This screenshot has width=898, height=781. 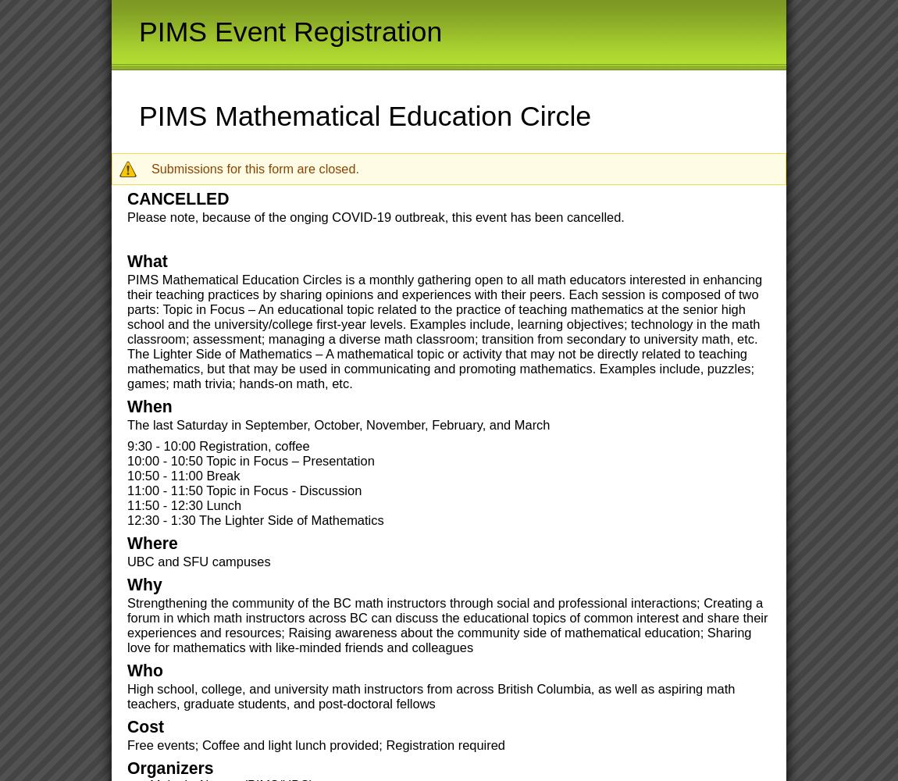 What do you see at coordinates (444, 331) in the screenshot?
I see `'PIMS Mathematical Education Circles is a monthly gathering open to all math educators interested in enhancing their teaching practices by sharing opinions and experiences with their peers. Each session is composed of two parts: Topic in Focus – An educational topic related to the practice of teaching mathematics at the senior high school and the university/college first-year levels. Examples include, learning objectives; technology in the math classroom; assessment; managing a diverse math classroom; transition from secondary to university math, etc. The Lighter Side of Mathematics – A mathematical topic or activity that may not be directly related to teaching mathematics, but that may be used in communicating and promoting mathematics. Examples include, puzzles; games; math trivia; hands-on math, etc.'` at bounding box center [444, 331].